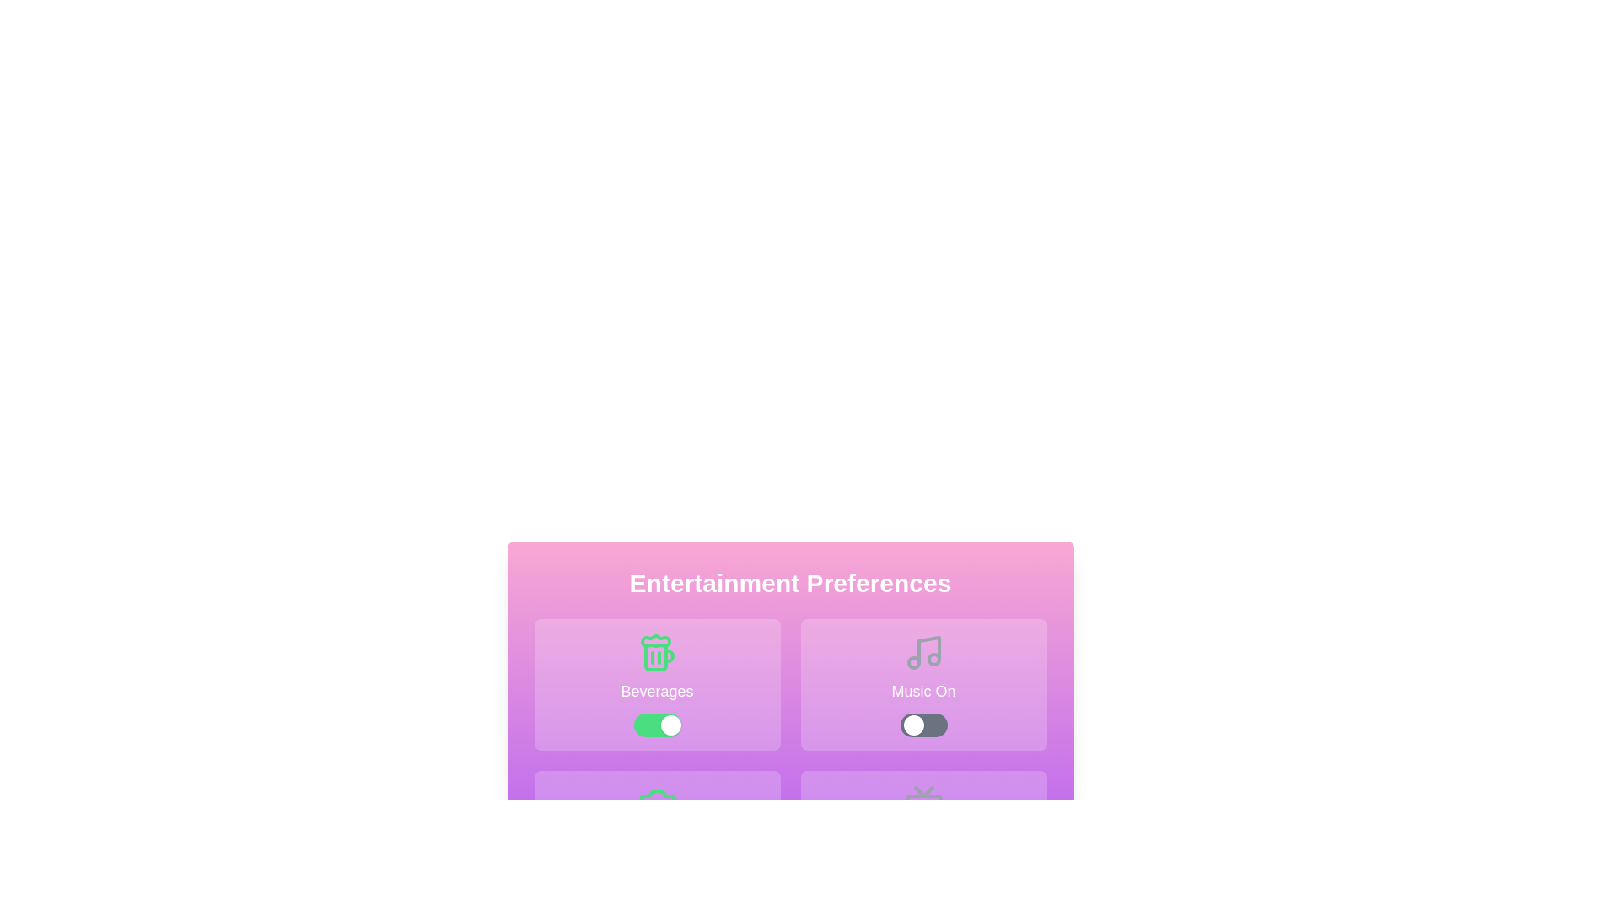 This screenshot has width=1619, height=911. Describe the element at coordinates (922, 685) in the screenshot. I see `the icon corresponding to the feature Music On` at that location.